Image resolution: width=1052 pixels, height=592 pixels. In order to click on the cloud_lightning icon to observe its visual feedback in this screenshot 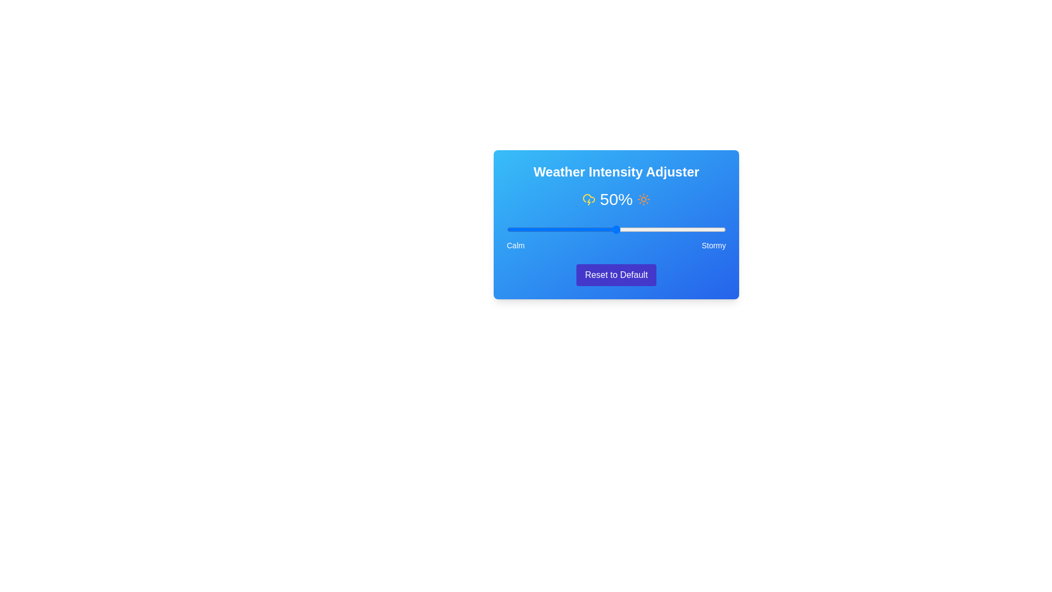, I will do `click(588, 199)`.